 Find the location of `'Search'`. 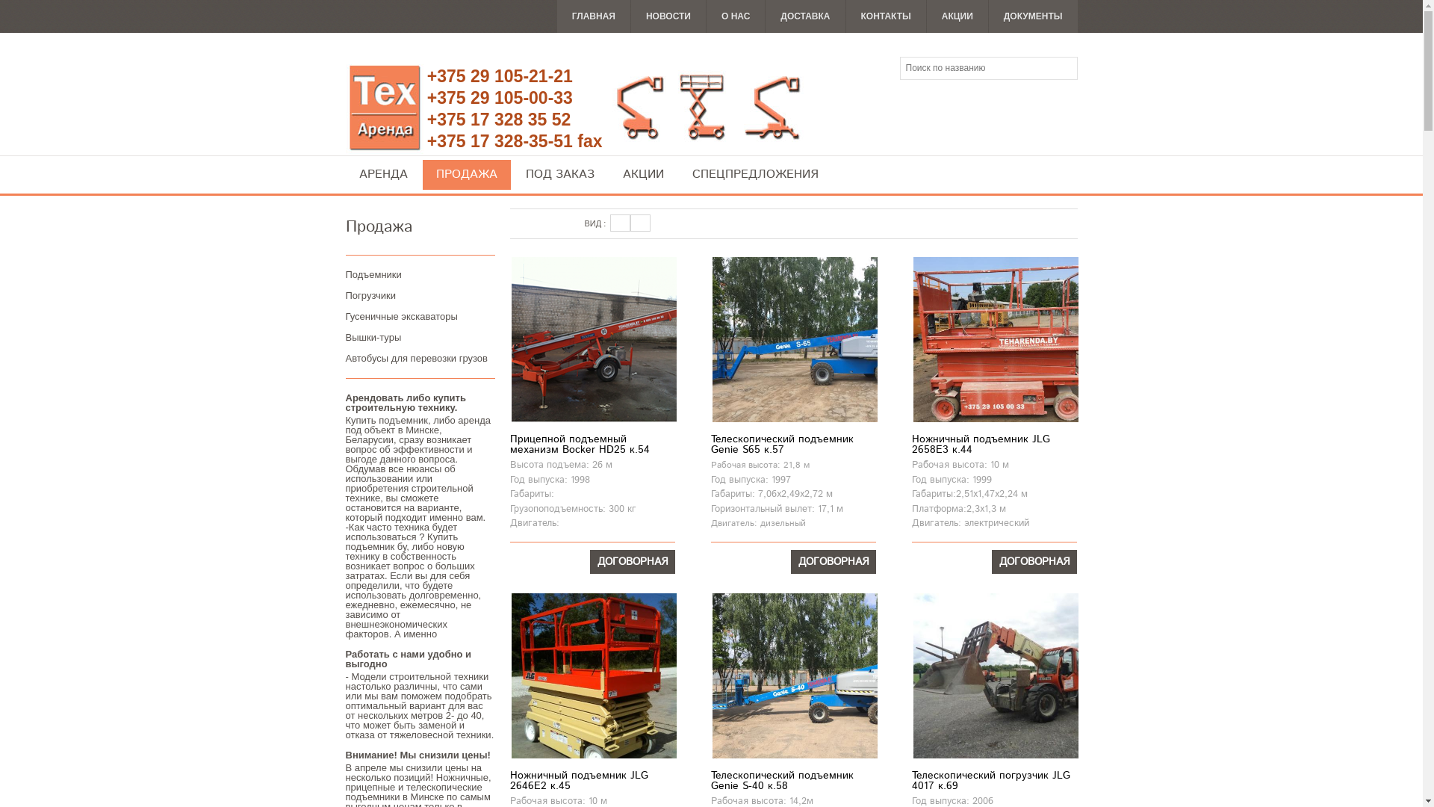

'Search' is located at coordinates (1064, 69).